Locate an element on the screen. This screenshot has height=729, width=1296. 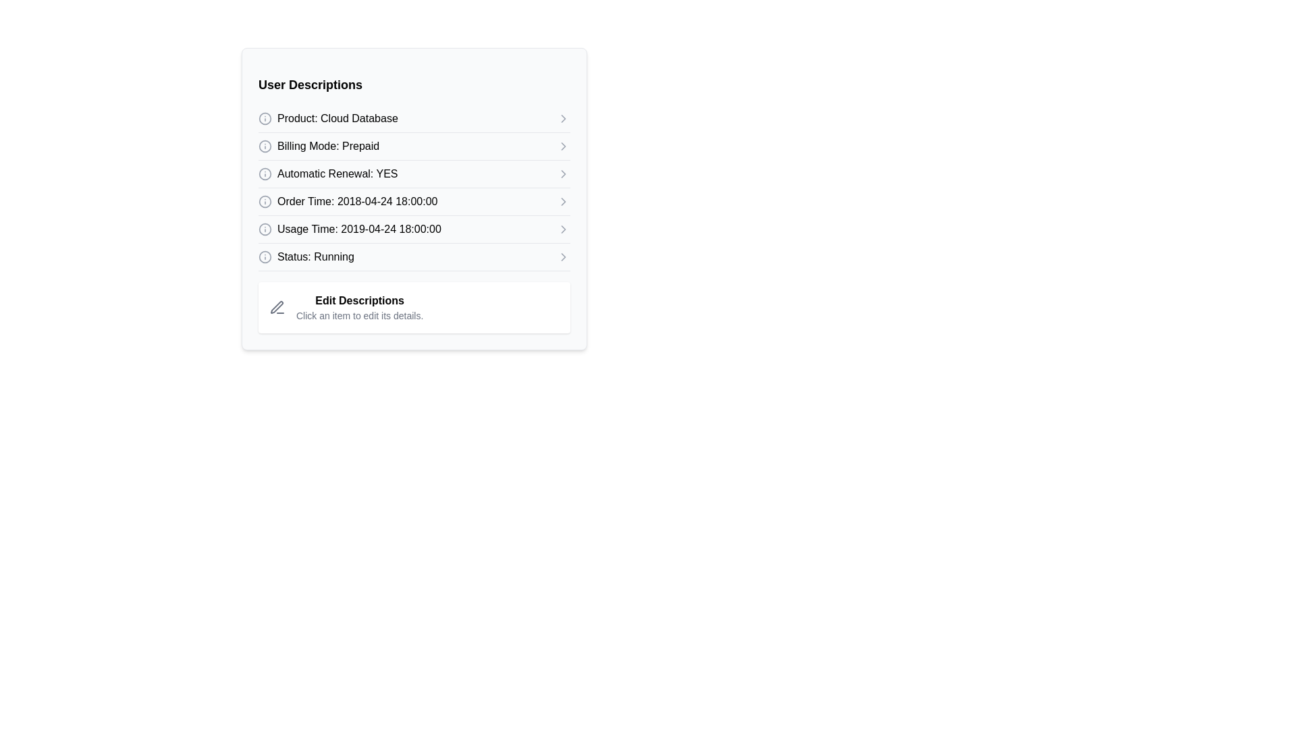
the circular information icon with a gray stroke located beside the text 'Automatic Renewal: YES' for more information is located at coordinates (265, 173).